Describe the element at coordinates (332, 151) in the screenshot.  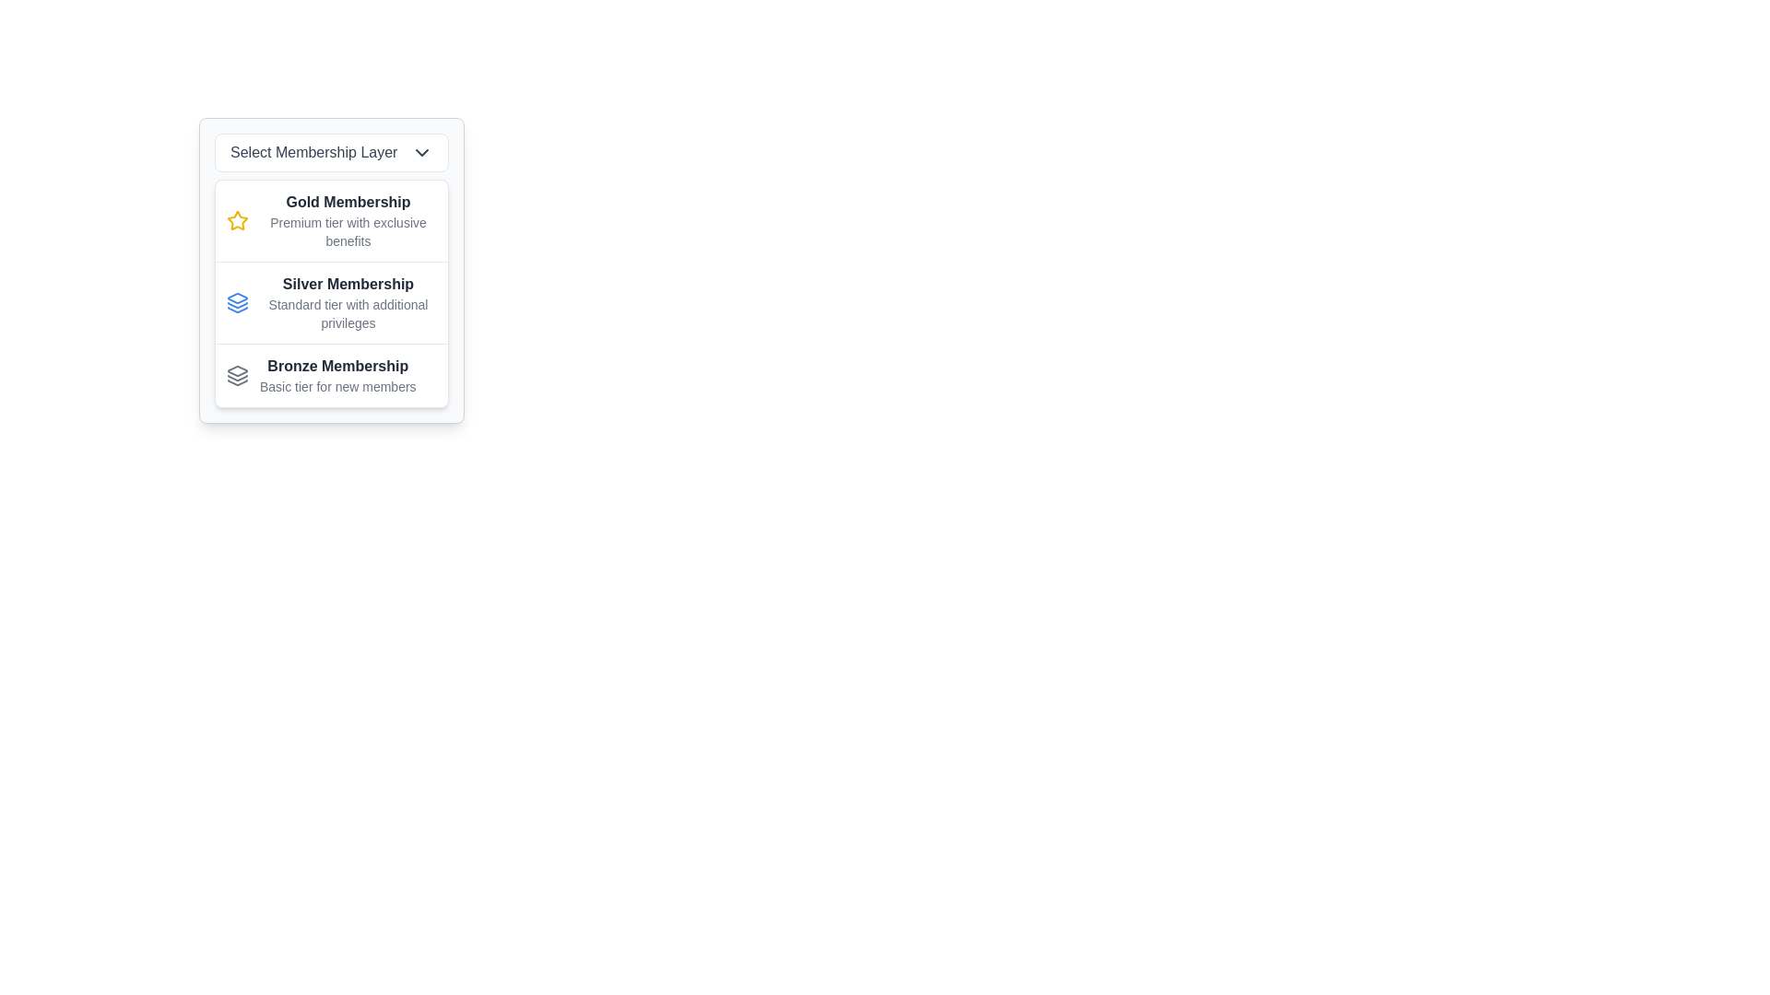
I see `the rectangular dropdown menu labeled 'Select Membership Layer'` at that location.